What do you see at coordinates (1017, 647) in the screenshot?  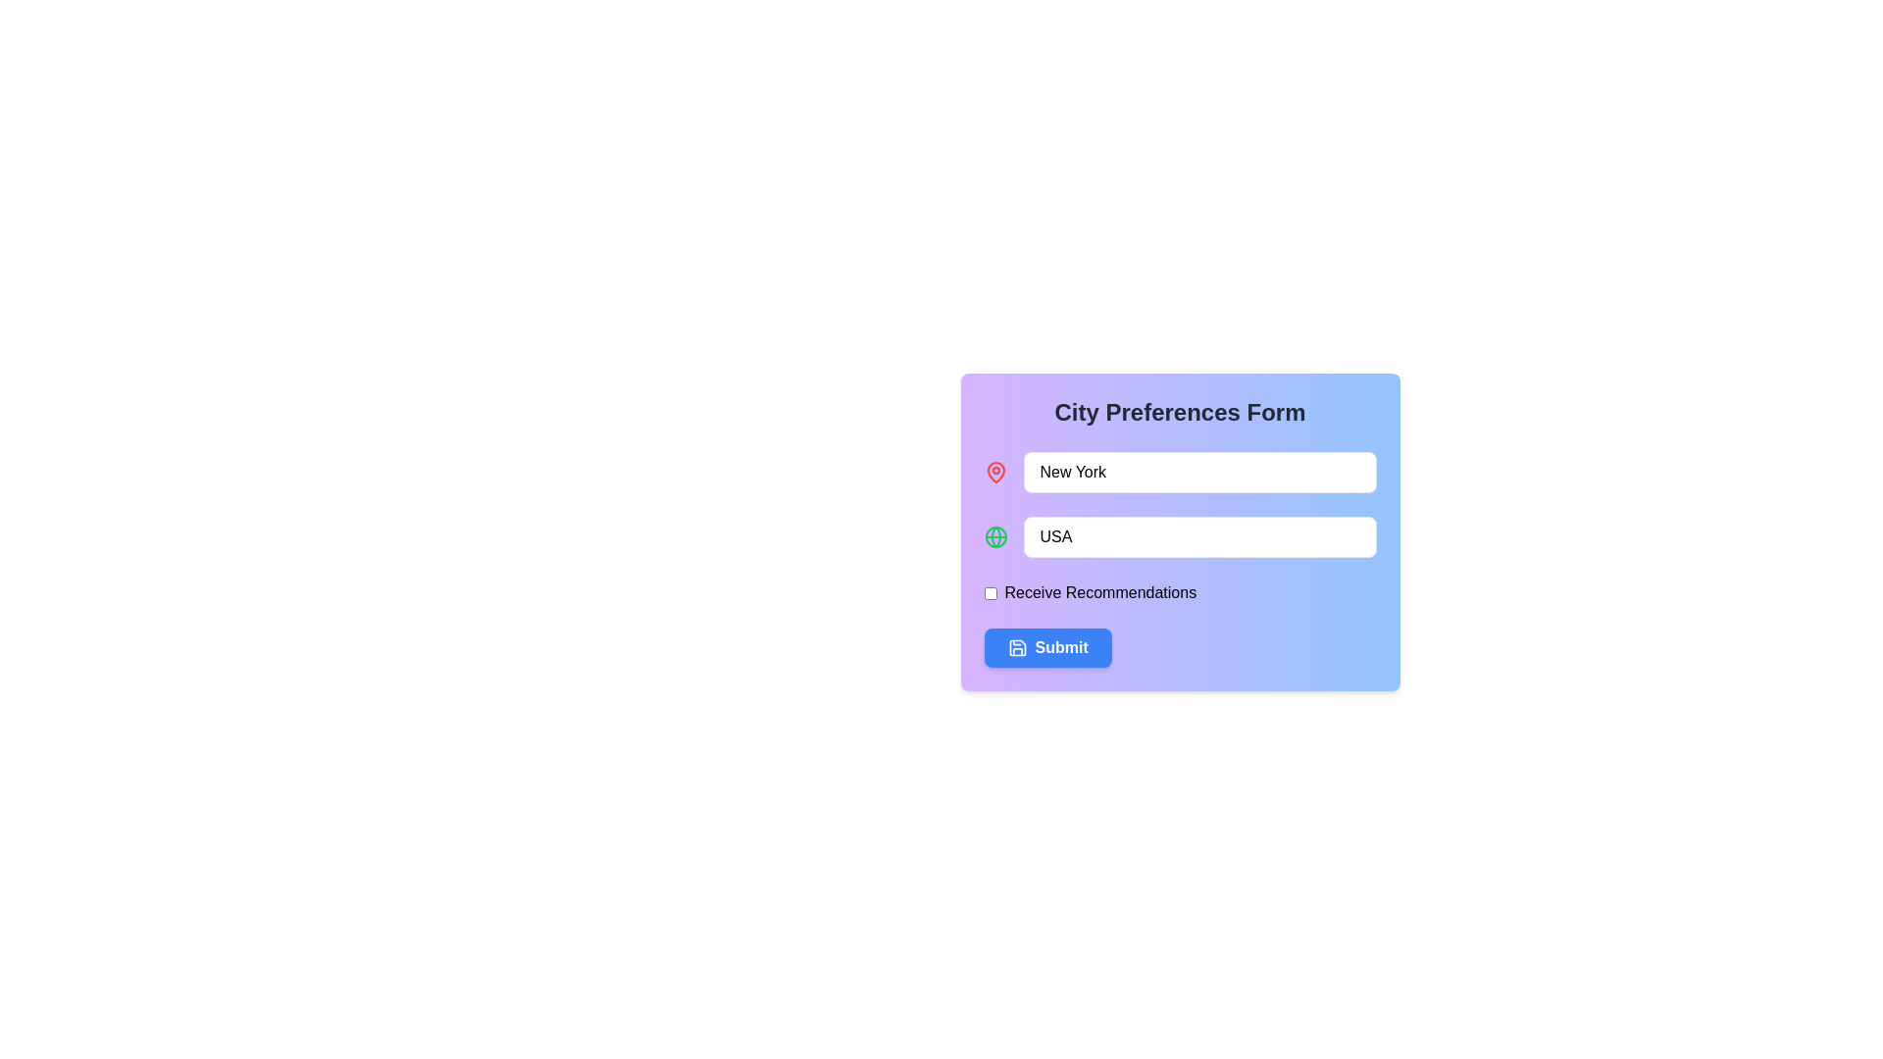 I see `the save icon, which is a floppy disk depicted with a blue background and white lines, located to the left of the bold 'Submit' text within the blue button at the bottom of the form` at bounding box center [1017, 647].